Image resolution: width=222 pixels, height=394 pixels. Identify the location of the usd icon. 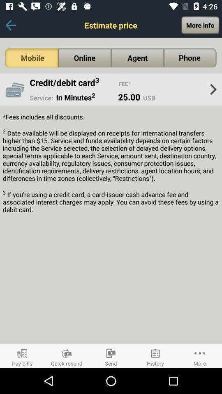
(147, 98).